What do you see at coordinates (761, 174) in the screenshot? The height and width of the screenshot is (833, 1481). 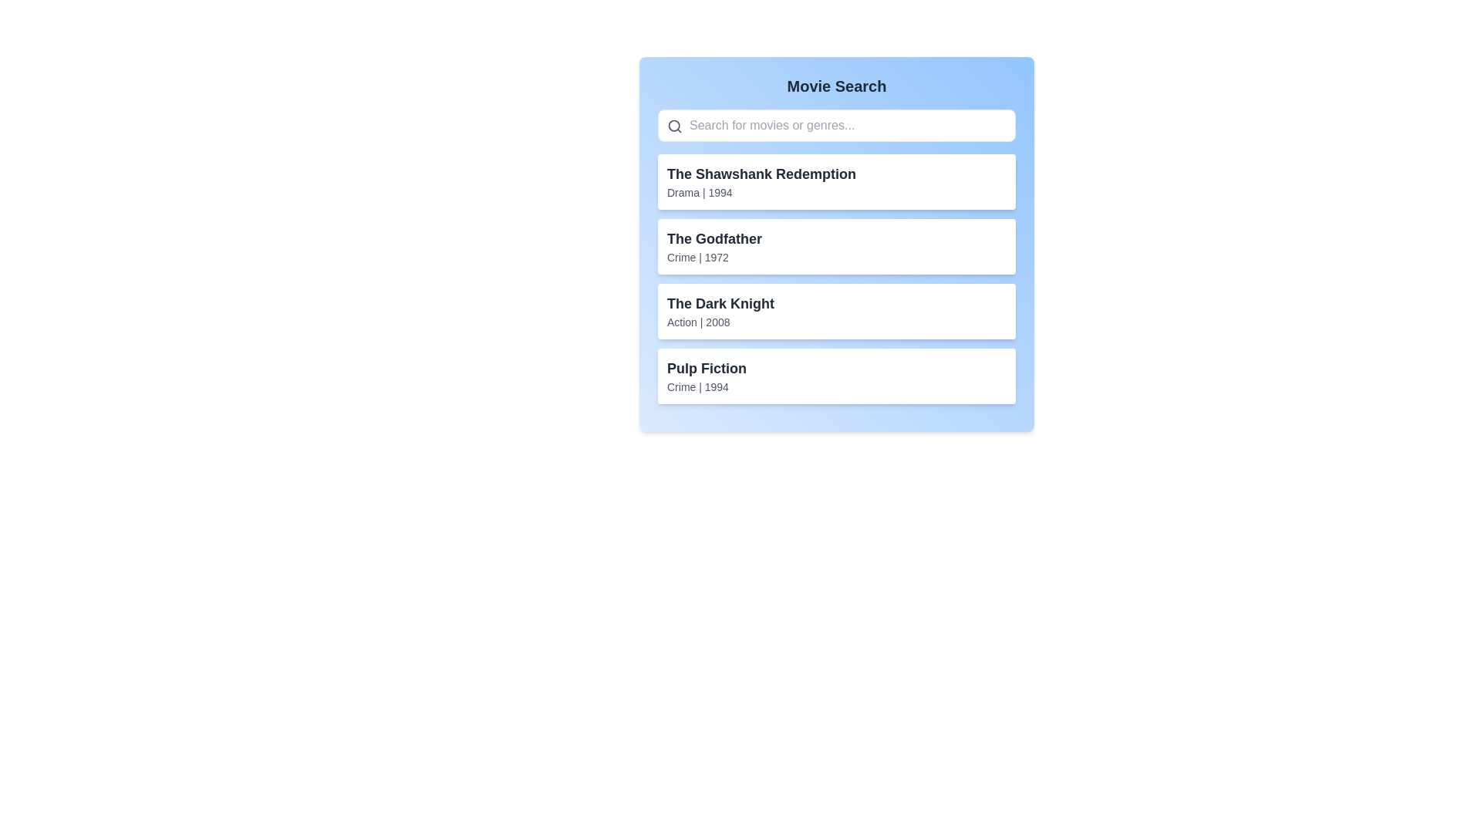 I see `title text 'The Shawshank Redemption' from the bold, larger font label positioned at the top-left corner of the first movie entry` at bounding box center [761, 174].